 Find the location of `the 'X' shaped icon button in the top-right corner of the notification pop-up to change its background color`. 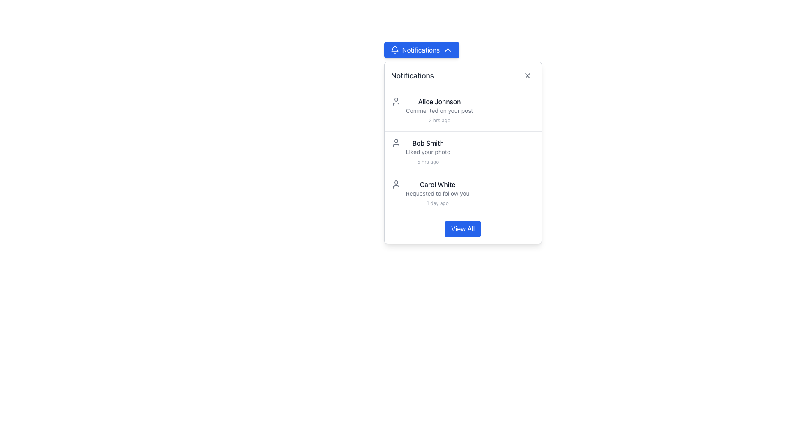

the 'X' shaped icon button in the top-right corner of the notification pop-up to change its background color is located at coordinates (527, 76).